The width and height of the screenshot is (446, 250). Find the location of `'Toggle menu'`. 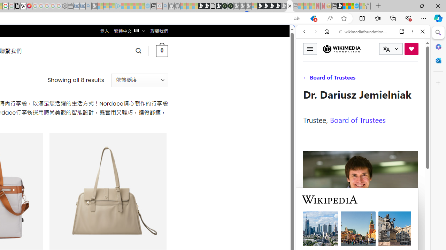

'Toggle menu' is located at coordinates (310, 48).